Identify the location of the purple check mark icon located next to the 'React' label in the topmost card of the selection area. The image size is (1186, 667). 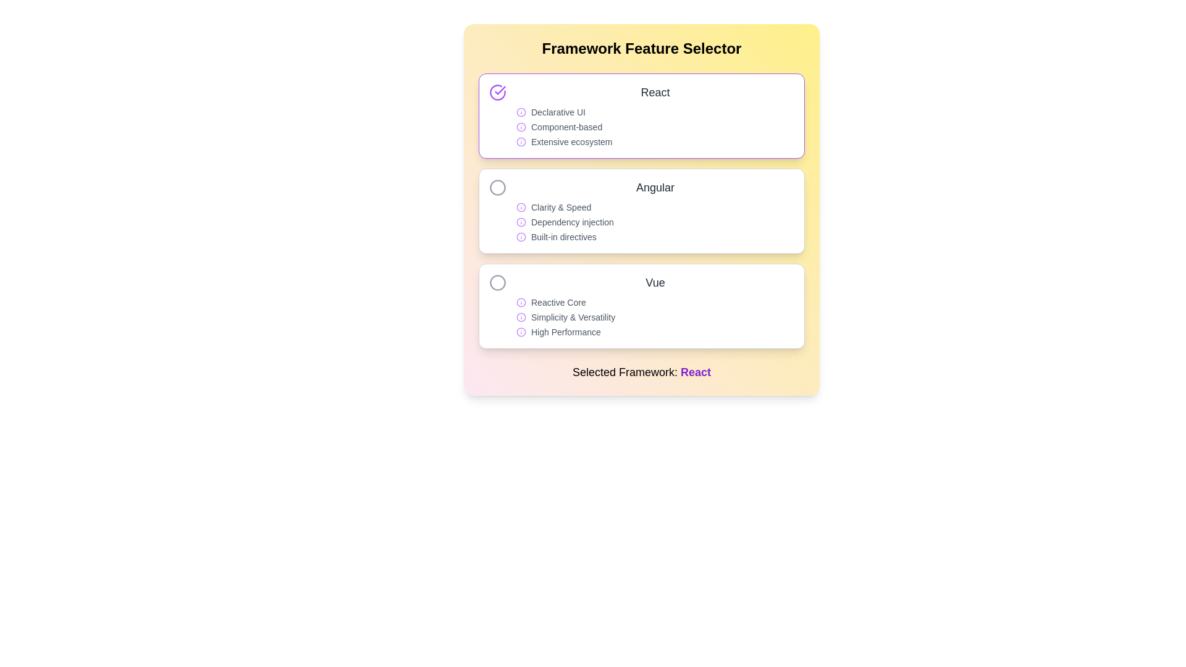
(500, 90).